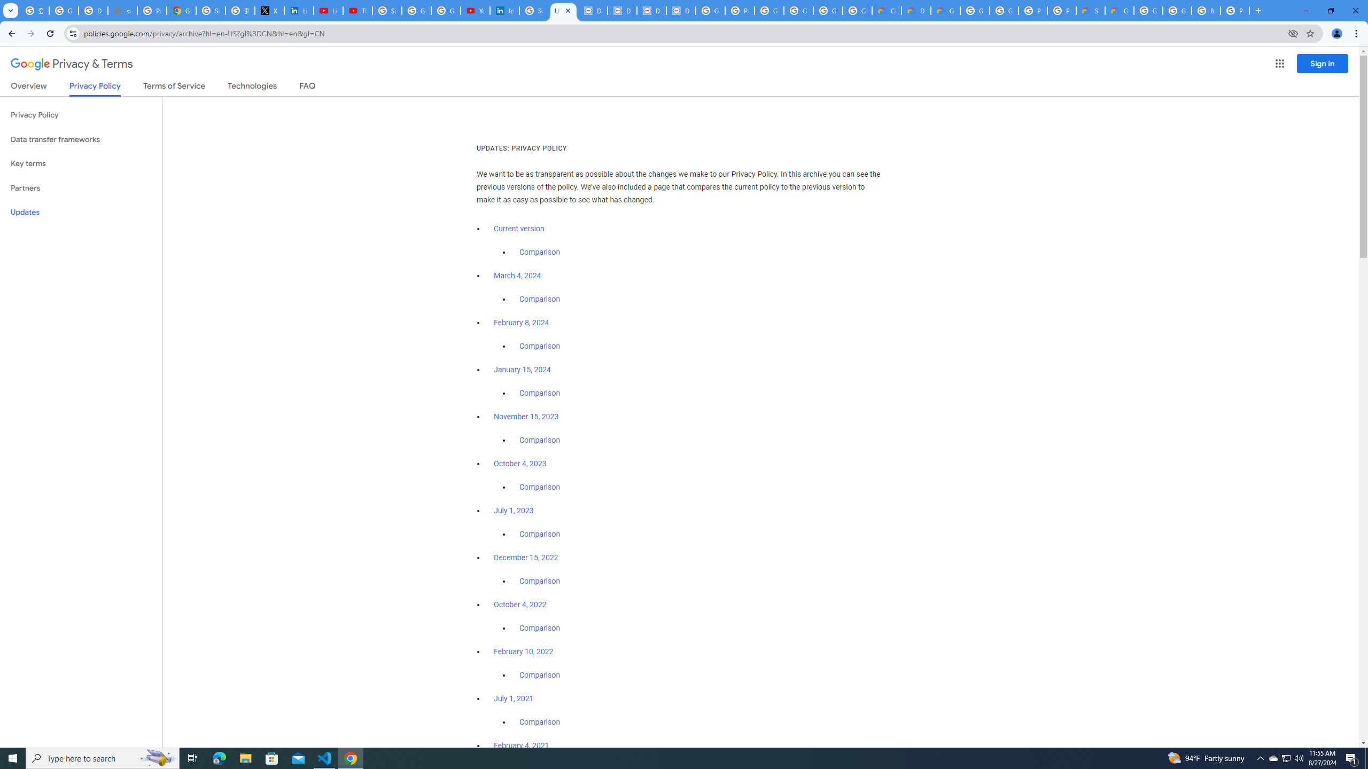 Image resolution: width=1368 pixels, height=769 pixels. I want to click on 'July 1, 2021', so click(514, 698).